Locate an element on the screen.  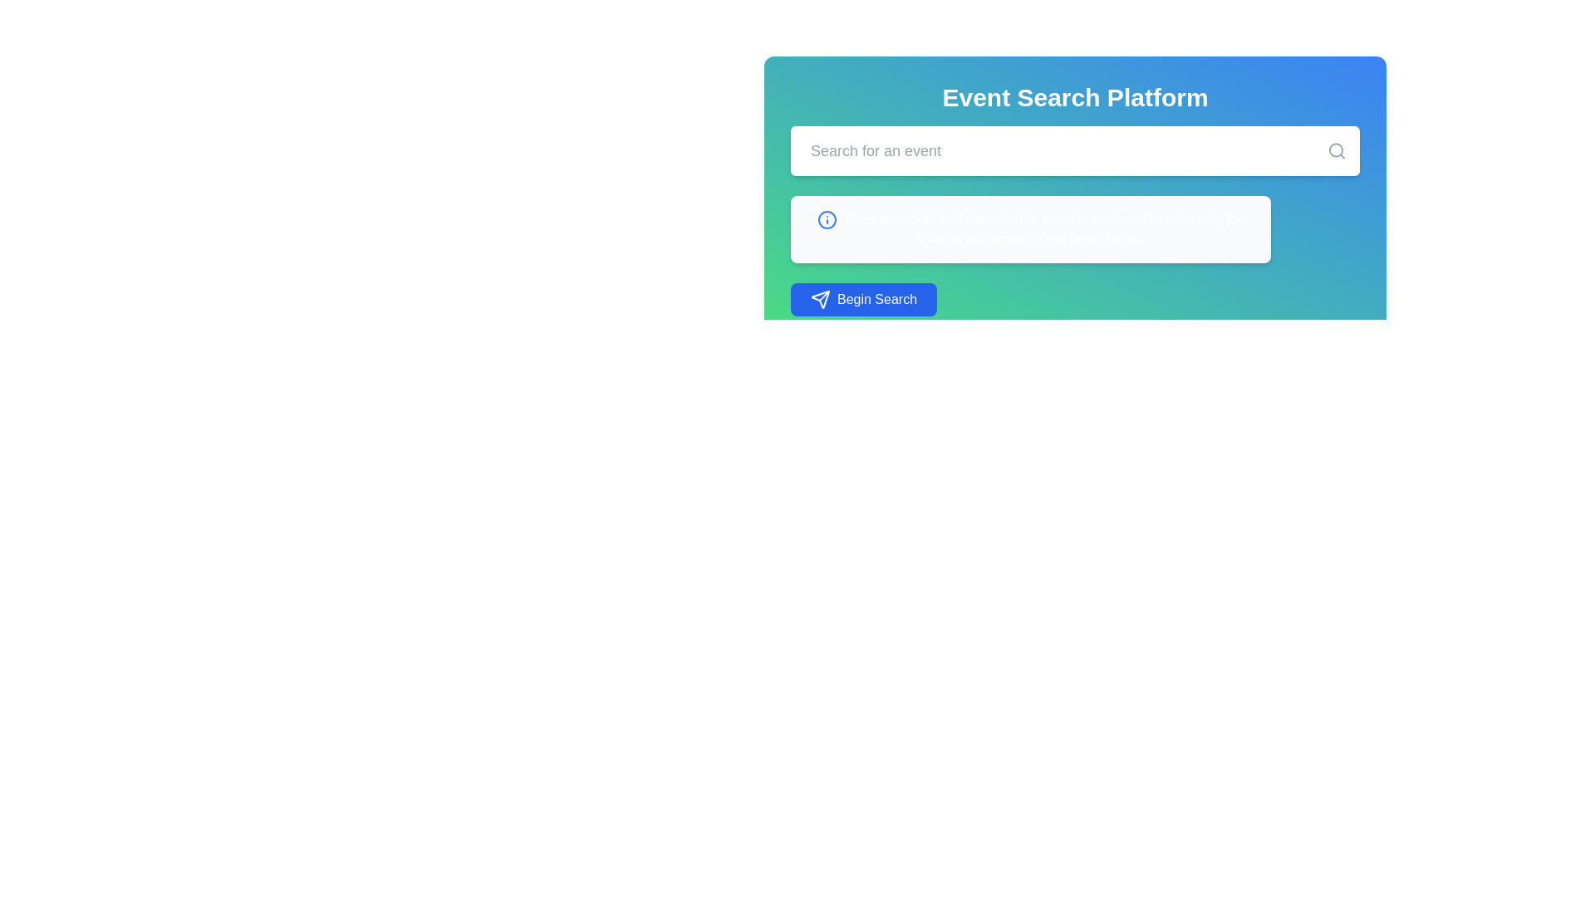
the circular light gray icon located on the right side of the search icon within the top bar of the interactive panel is located at coordinates (1336, 150).